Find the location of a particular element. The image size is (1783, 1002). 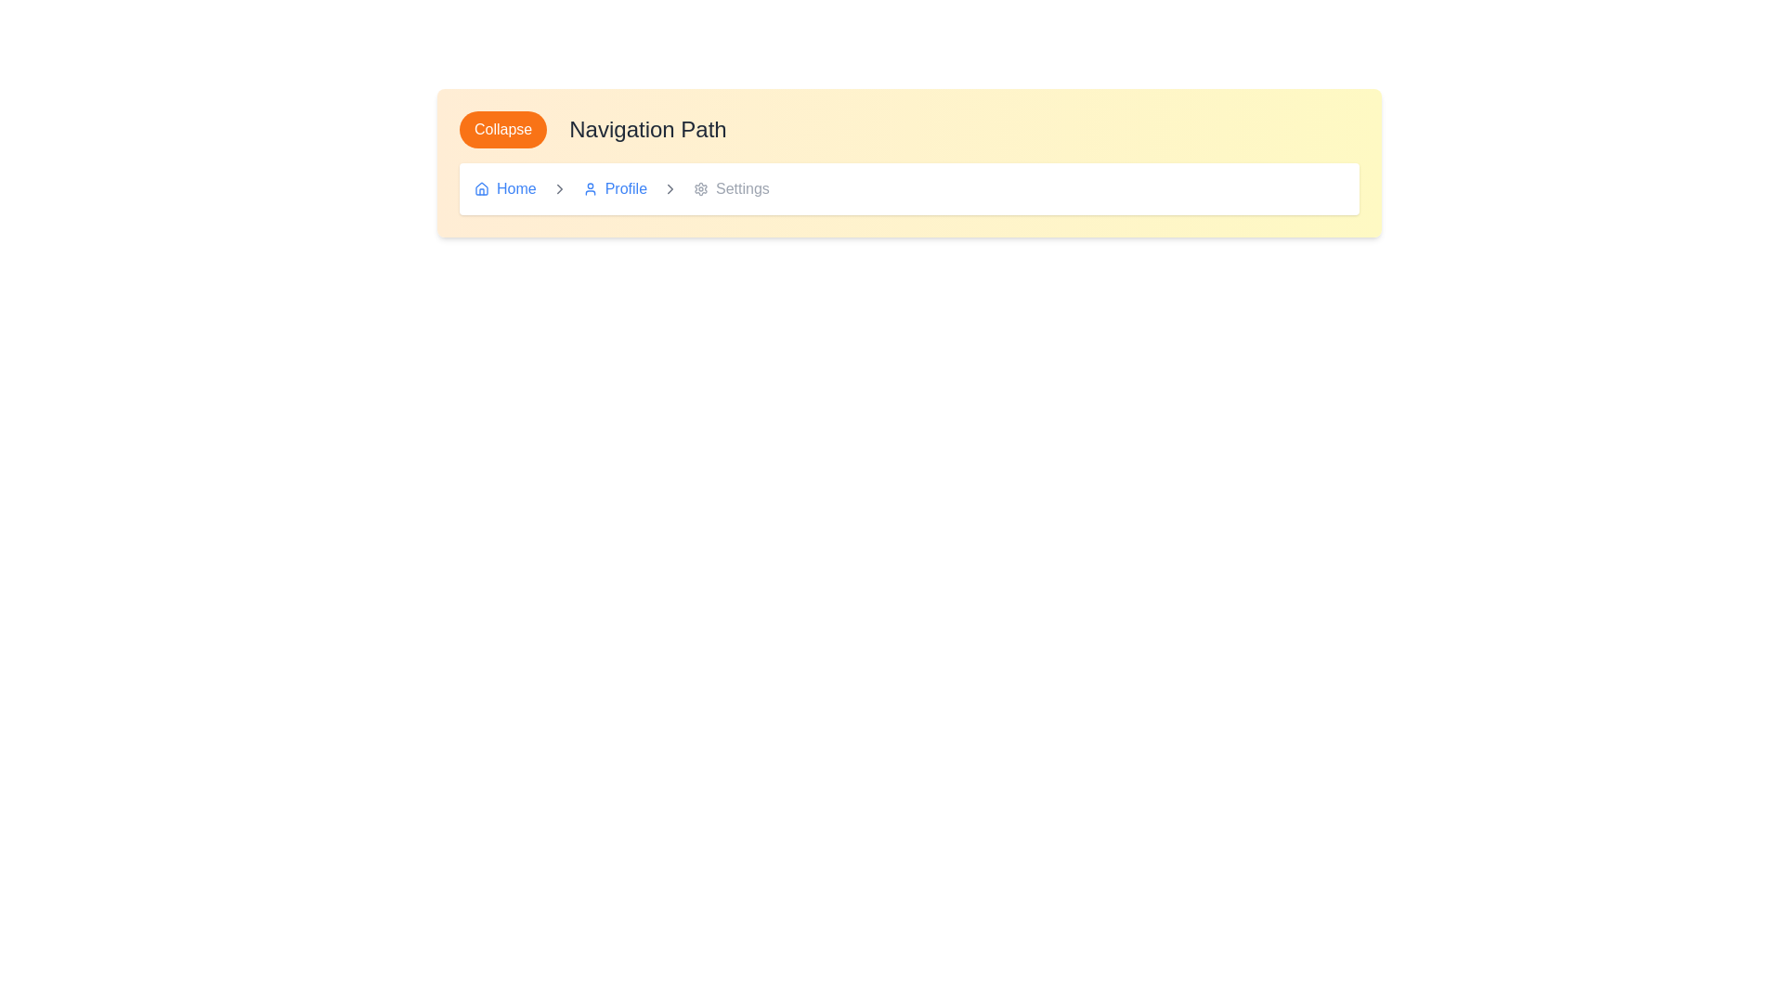

icon that serves as a visual delimiter in the breadcrumb navigation, located between the 'Home' and 'Profile' labels is located at coordinates (558, 189).